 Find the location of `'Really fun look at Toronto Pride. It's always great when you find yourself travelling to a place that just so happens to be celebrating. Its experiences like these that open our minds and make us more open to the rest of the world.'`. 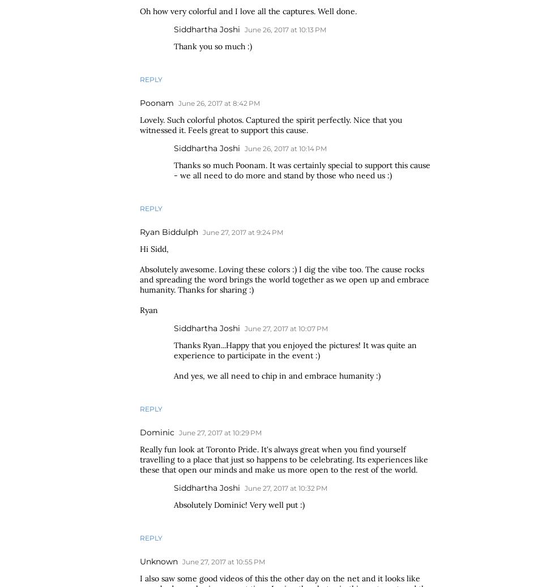

'Really fun look at Toronto Pride. It's always great when you find yourself travelling to a place that just so happens to be celebrating. Its experiences like these that open our minds and make us more open to the rest of the world.' is located at coordinates (284, 459).